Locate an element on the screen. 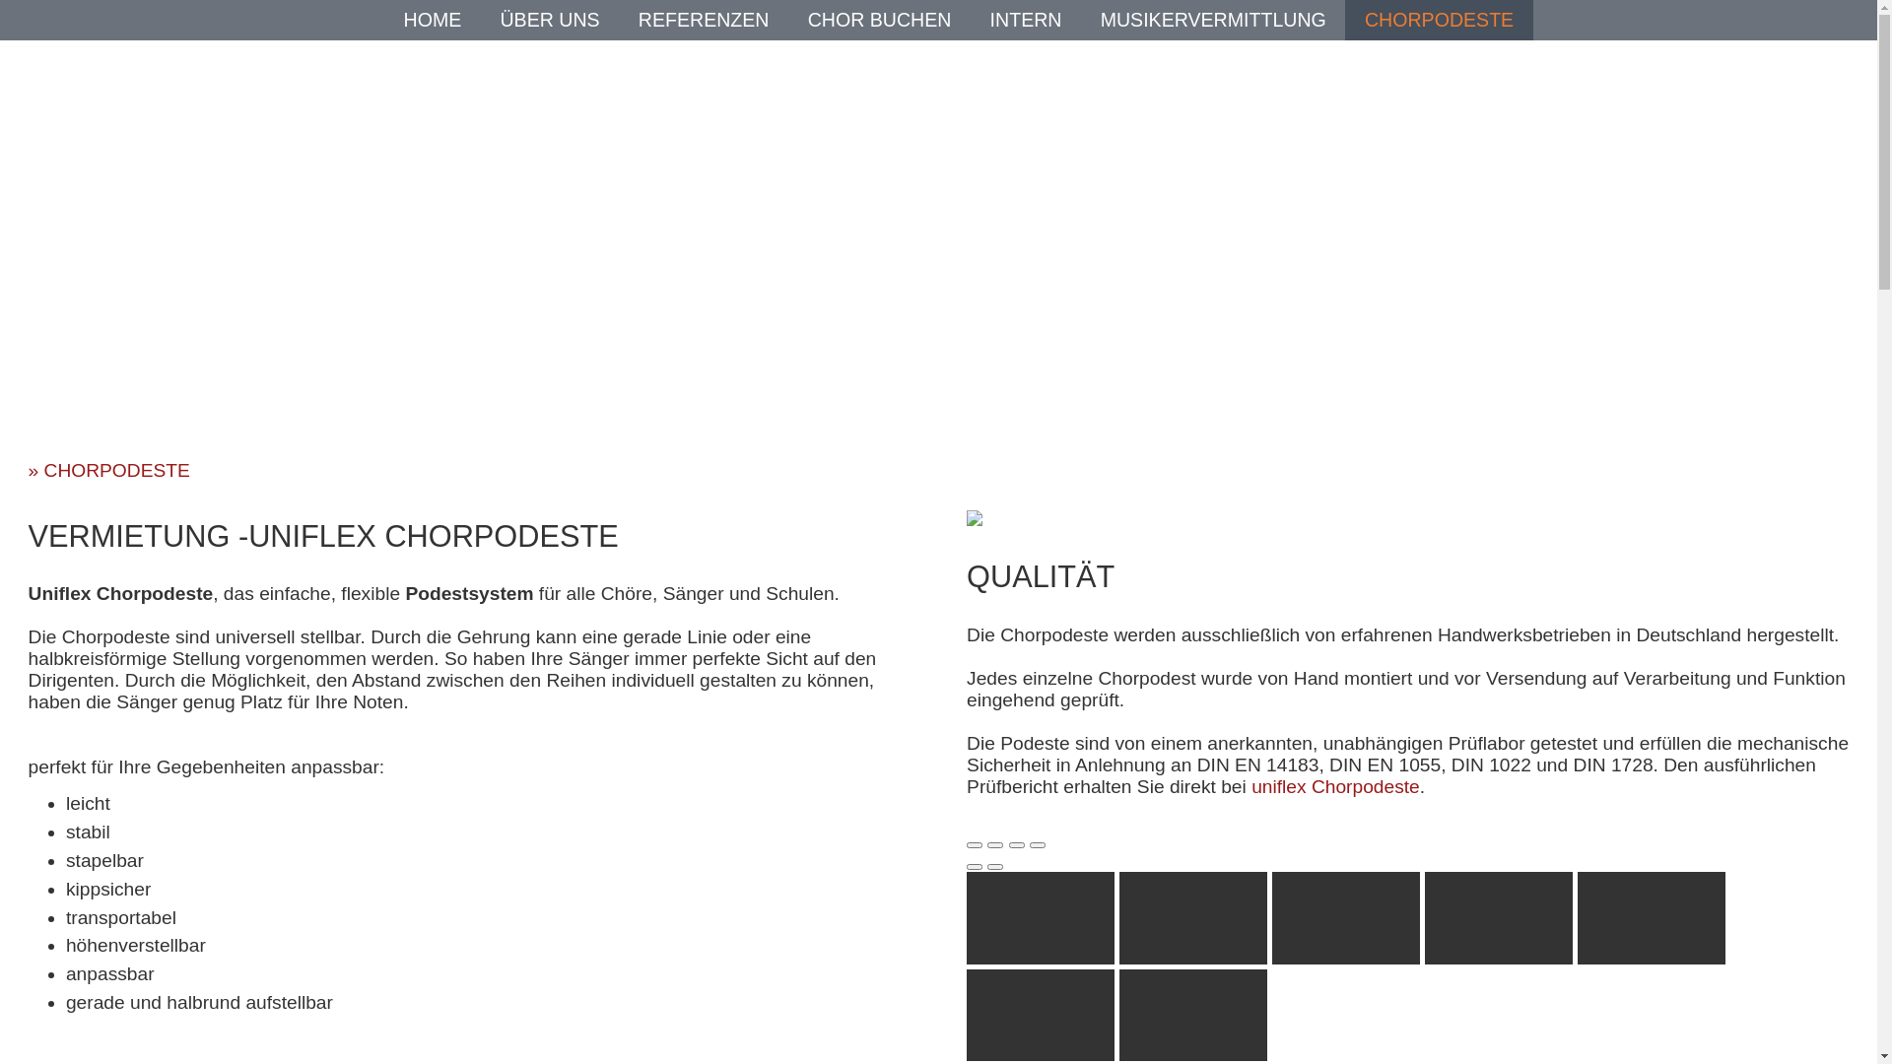 Image resolution: width=1892 pixels, height=1064 pixels. 'Next (arrow right)' is located at coordinates (994, 865).